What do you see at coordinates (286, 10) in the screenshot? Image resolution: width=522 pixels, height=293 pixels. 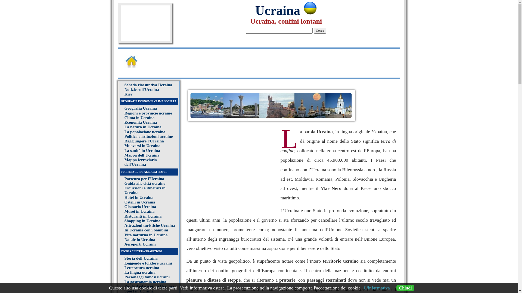 I see `'Ucraina'` at bounding box center [286, 10].